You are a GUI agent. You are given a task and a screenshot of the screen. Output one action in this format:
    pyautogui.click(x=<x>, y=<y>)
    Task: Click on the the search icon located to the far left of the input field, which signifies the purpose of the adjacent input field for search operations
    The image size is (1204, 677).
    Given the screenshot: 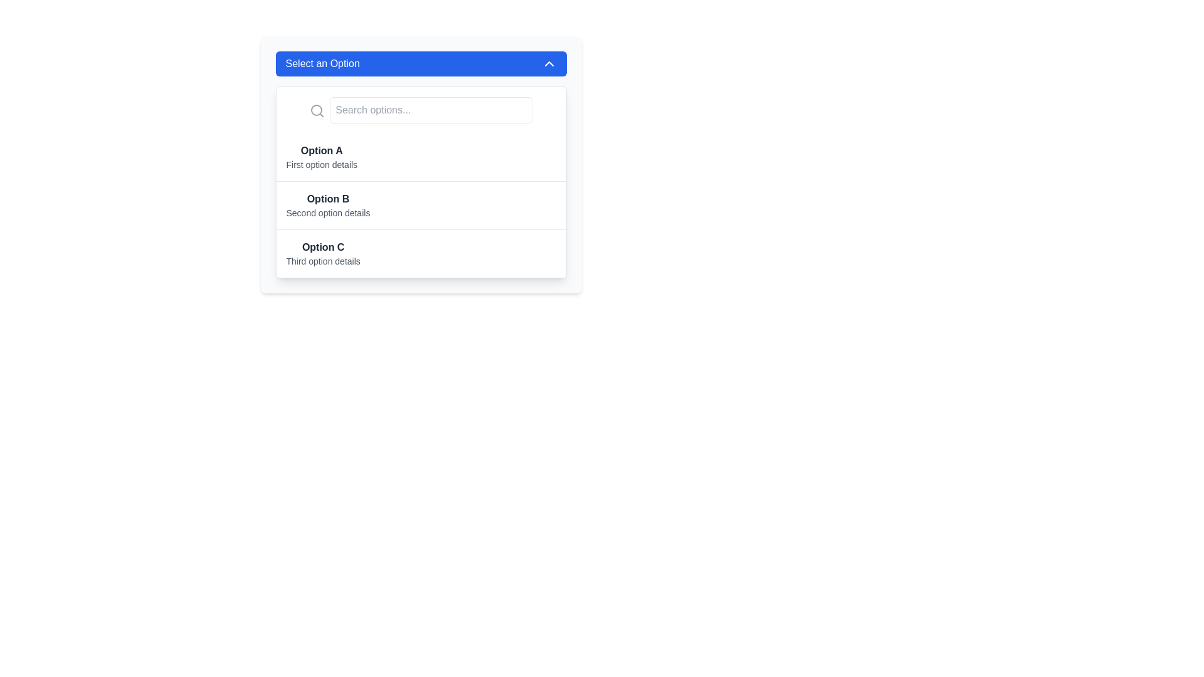 What is the action you would take?
    pyautogui.click(x=317, y=110)
    